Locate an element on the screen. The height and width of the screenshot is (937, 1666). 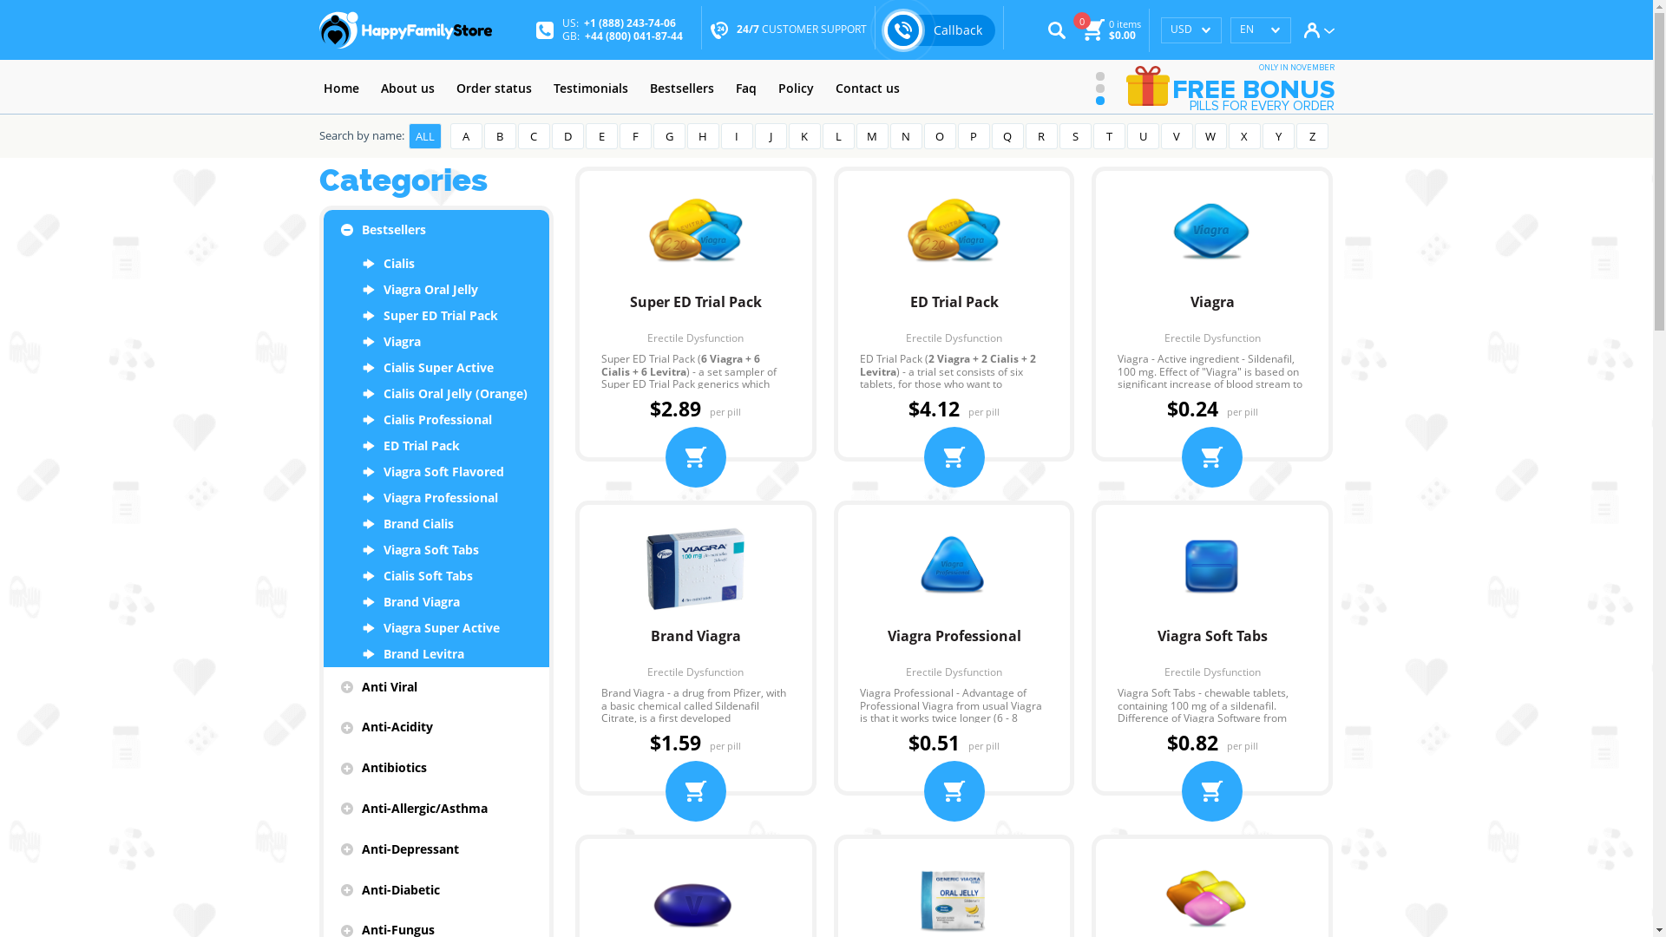
'V' is located at coordinates (1177, 135).